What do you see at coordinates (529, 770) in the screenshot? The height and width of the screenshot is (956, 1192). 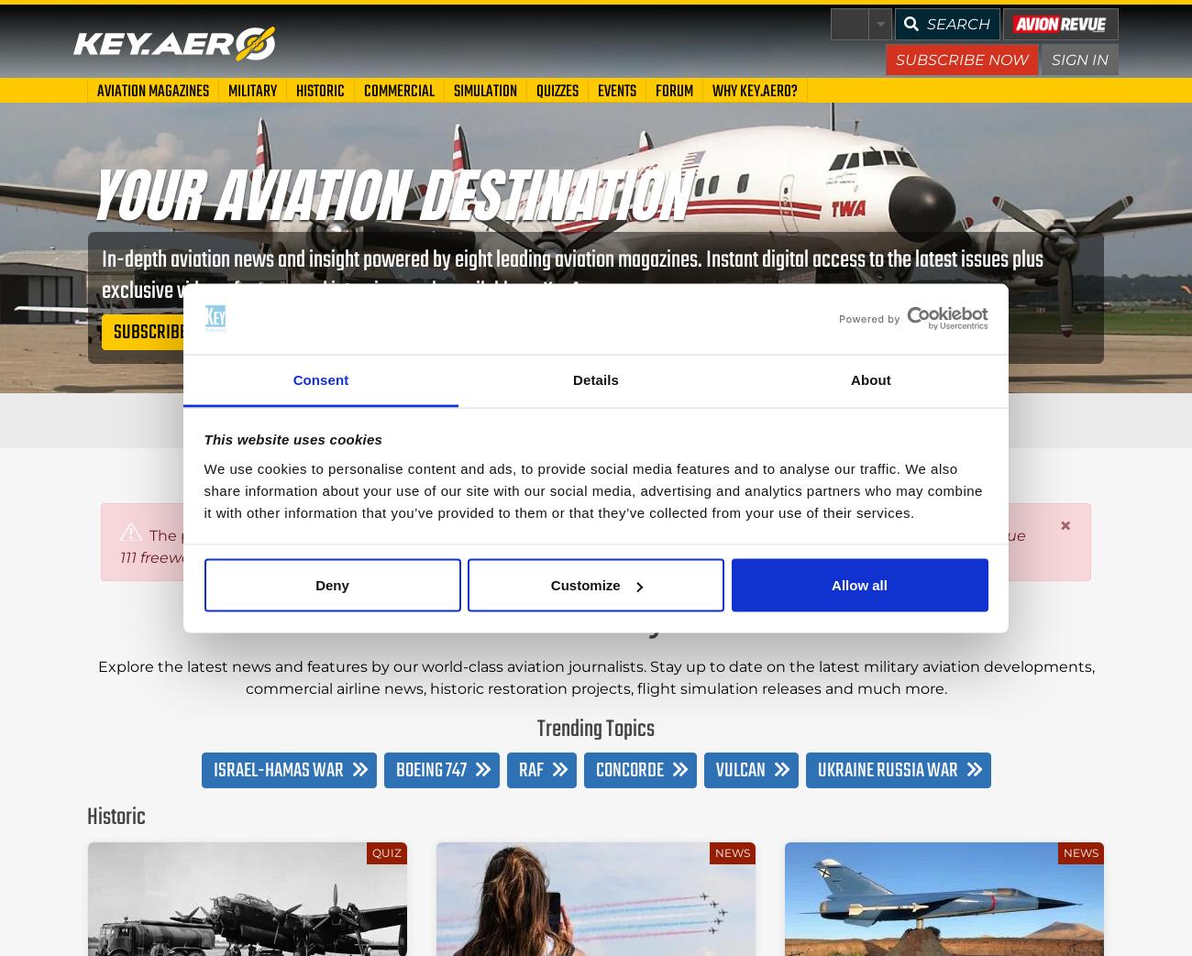 I see `'RAF'` at bounding box center [529, 770].